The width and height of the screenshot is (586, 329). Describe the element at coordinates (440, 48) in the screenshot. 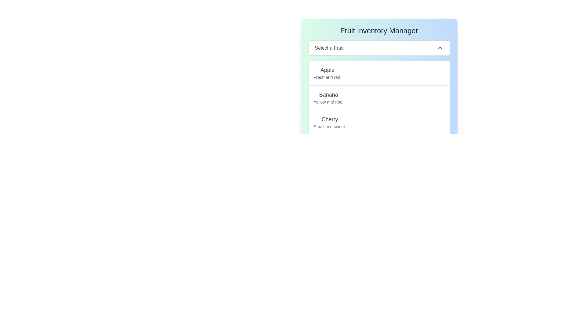

I see `the upward-pointing chevron icon located on the rightmost side of the 'Select a Fruit' section, which is styled with a simple line drawing on a transparent background` at that location.